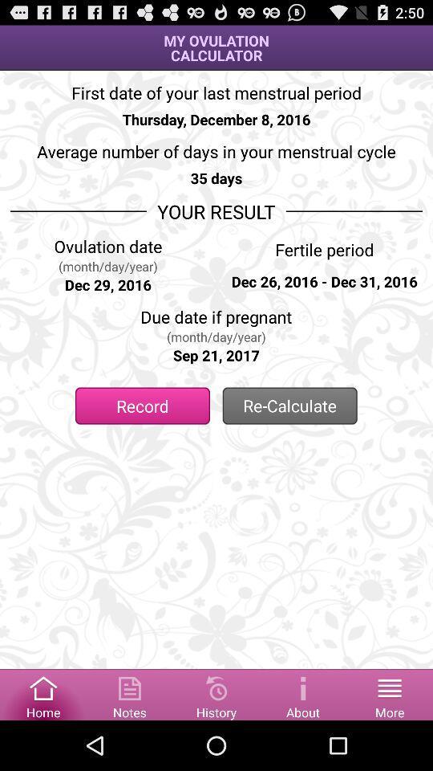 The height and width of the screenshot is (771, 433). What do you see at coordinates (389, 693) in the screenshot?
I see `more` at bounding box center [389, 693].